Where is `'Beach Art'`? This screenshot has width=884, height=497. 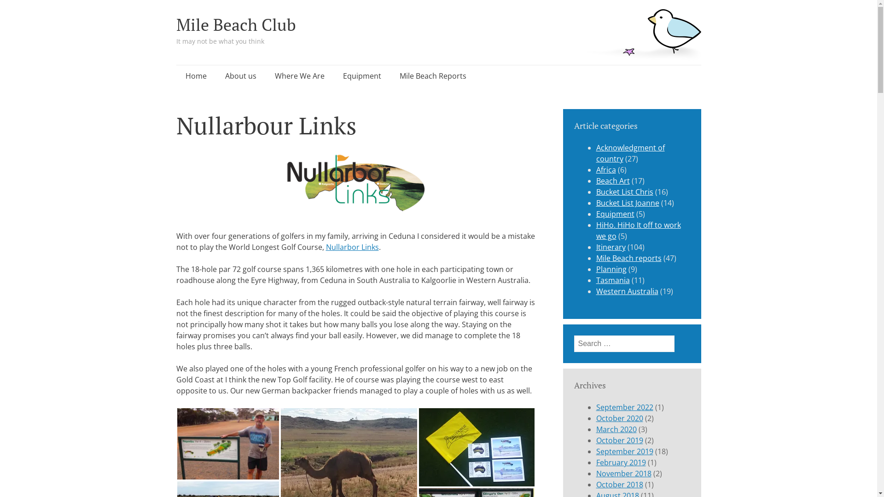
'Beach Art' is located at coordinates (612, 181).